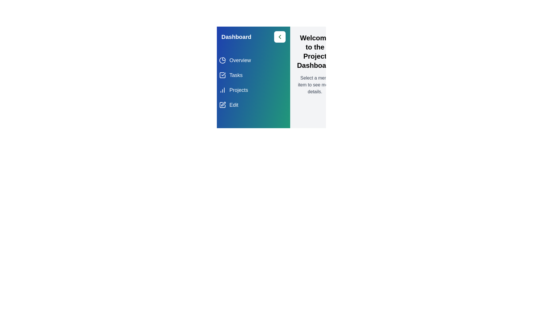  Describe the element at coordinates (253, 90) in the screenshot. I see `the menu item Projects from the list` at that location.